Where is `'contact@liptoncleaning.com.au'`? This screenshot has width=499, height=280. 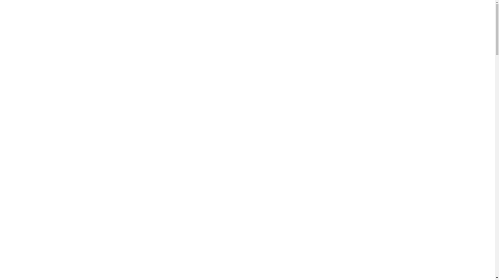
'contact@liptoncleaning.com.au' is located at coordinates (43, 18).